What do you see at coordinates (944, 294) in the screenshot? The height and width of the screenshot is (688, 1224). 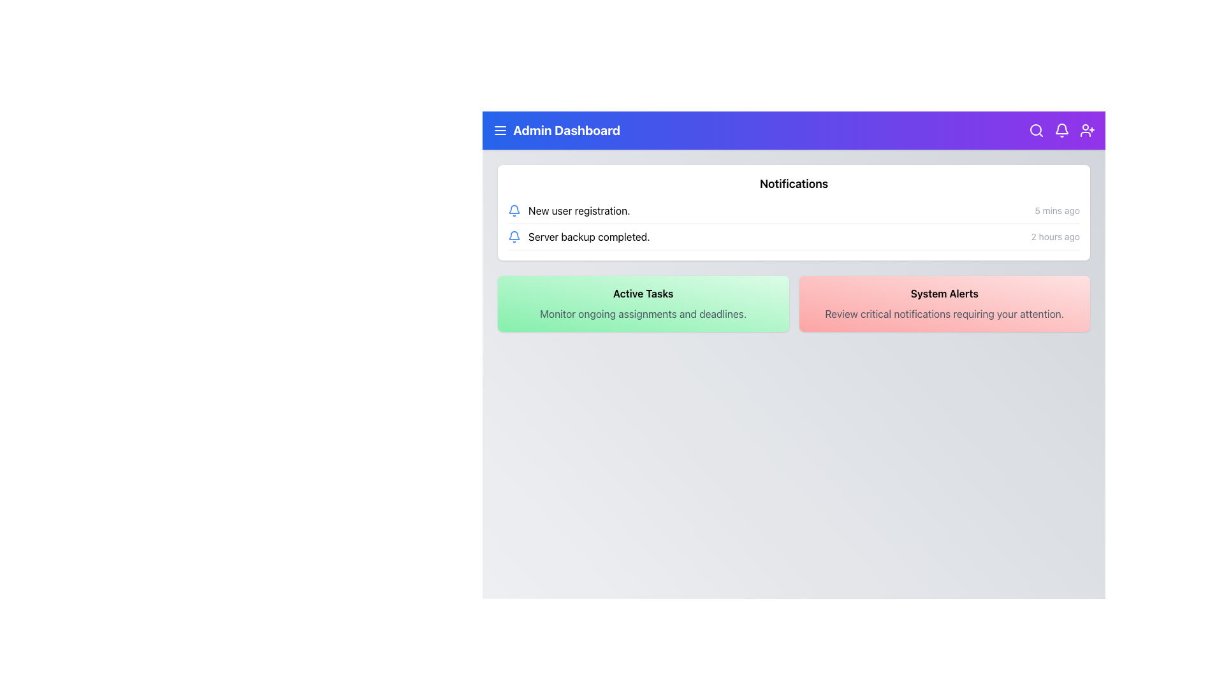 I see `text displayed in the title label for the 'System Alerts' section, which is positioned within a red gradient box on the rightmost side of the row` at bounding box center [944, 294].